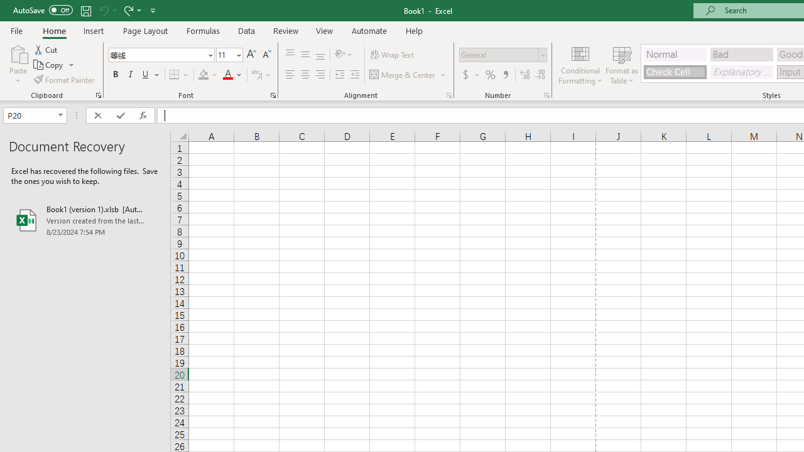 The width and height of the screenshot is (804, 452). I want to click on 'Underline', so click(151, 75).